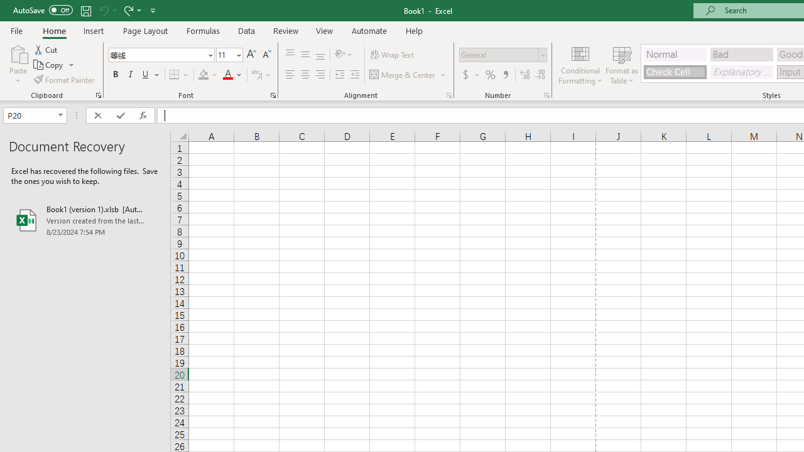 The width and height of the screenshot is (804, 452). I want to click on 'Underline', so click(151, 75).